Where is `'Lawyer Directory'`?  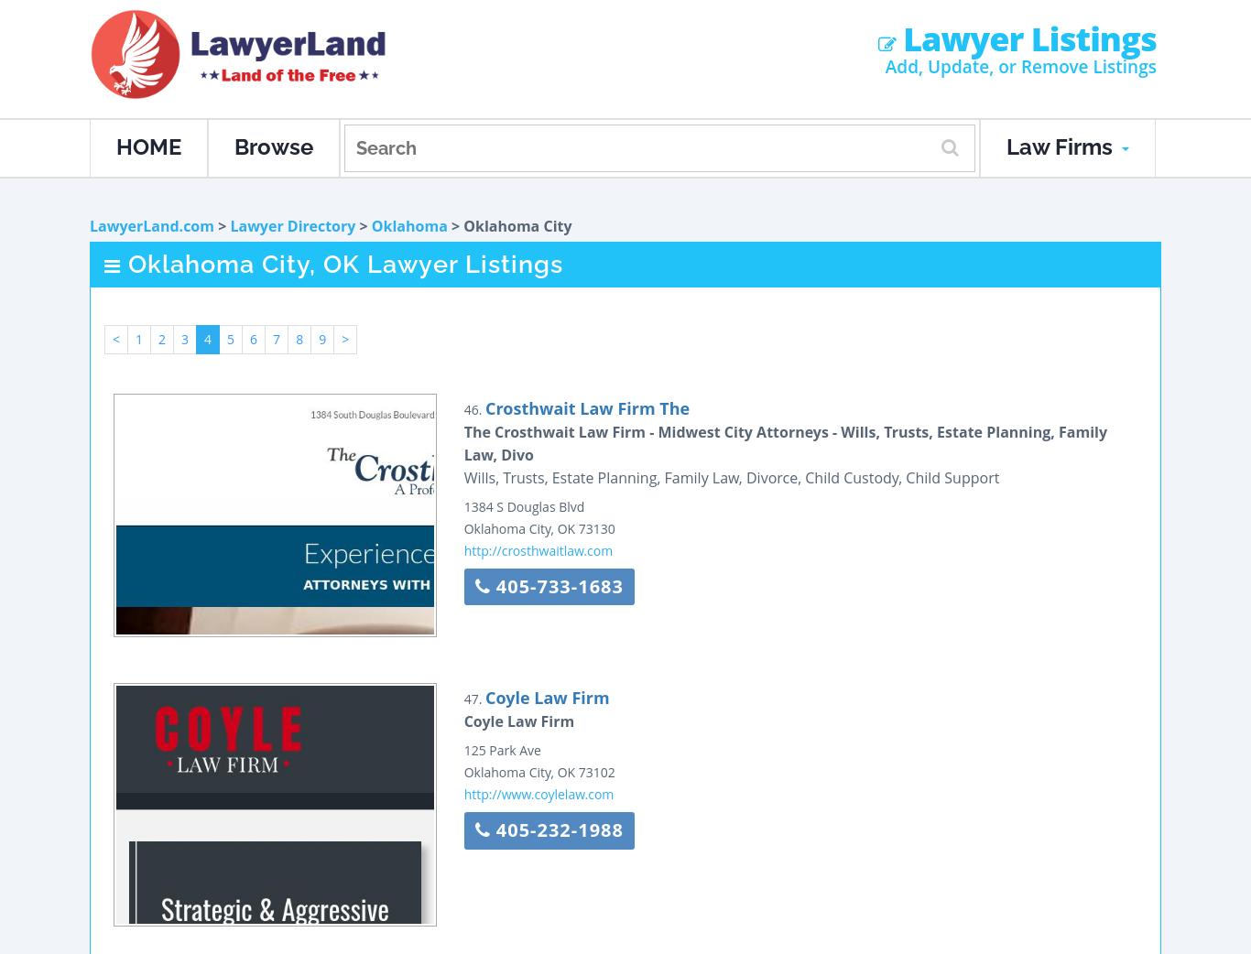 'Lawyer Directory' is located at coordinates (292, 224).